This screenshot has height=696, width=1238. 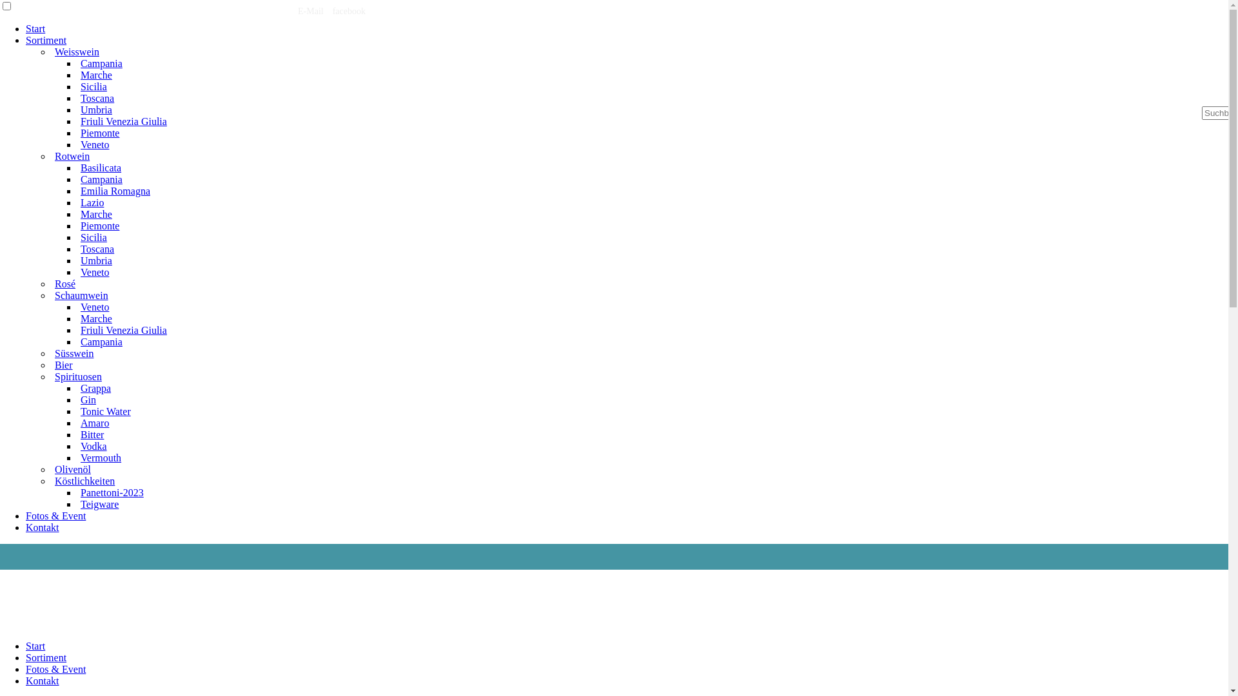 What do you see at coordinates (25, 646) in the screenshot?
I see `'Start'` at bounding box center [25, 646].